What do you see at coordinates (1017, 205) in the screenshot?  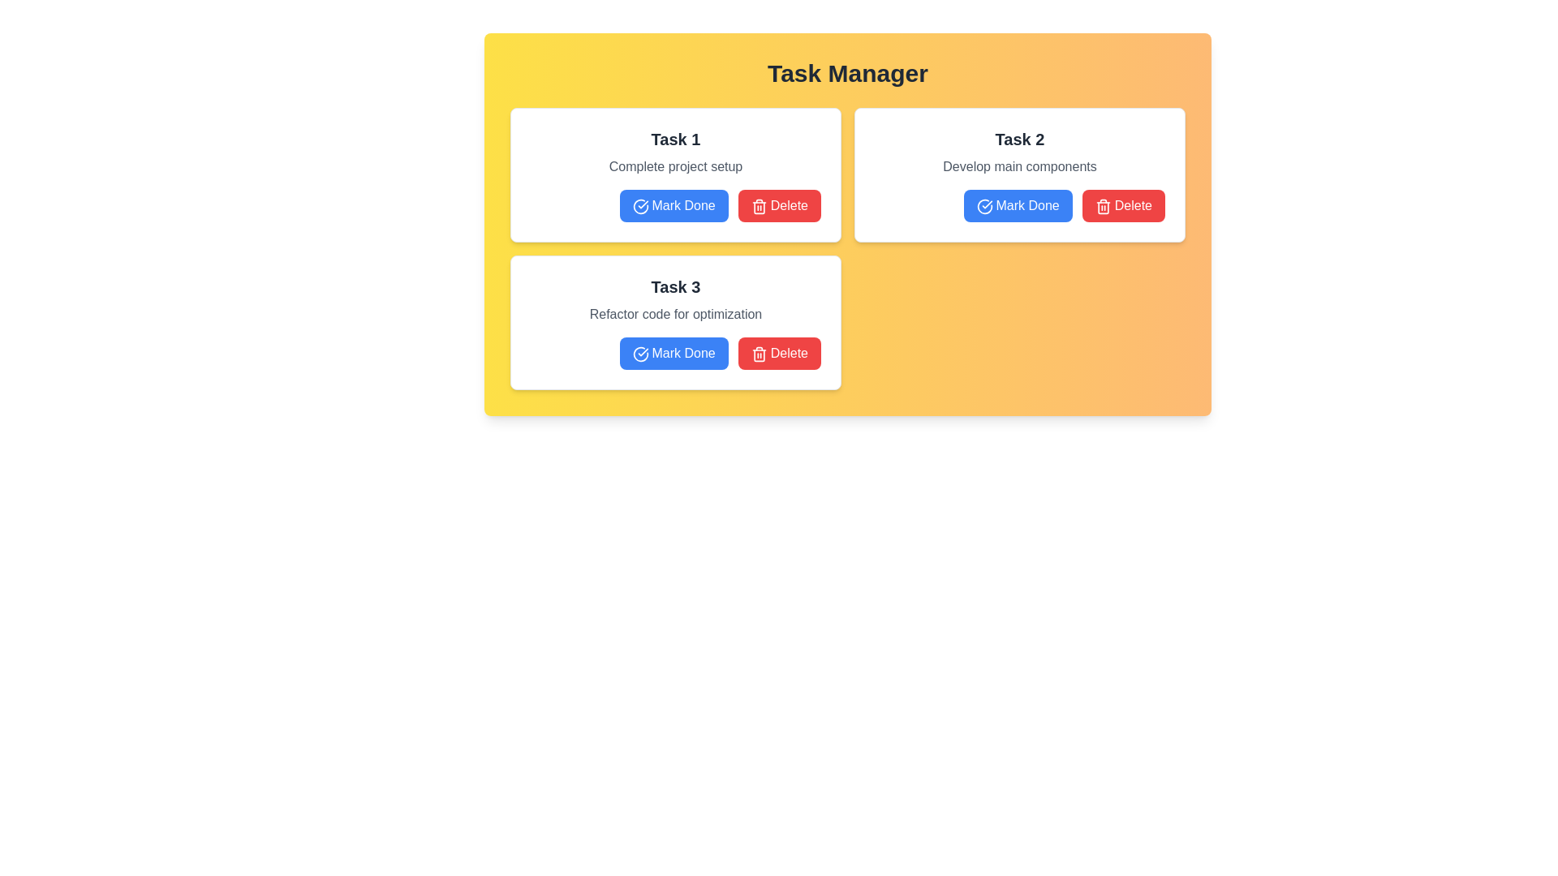 I see `'Mark Done' button for task 2` at bounding box center [1017, 205].